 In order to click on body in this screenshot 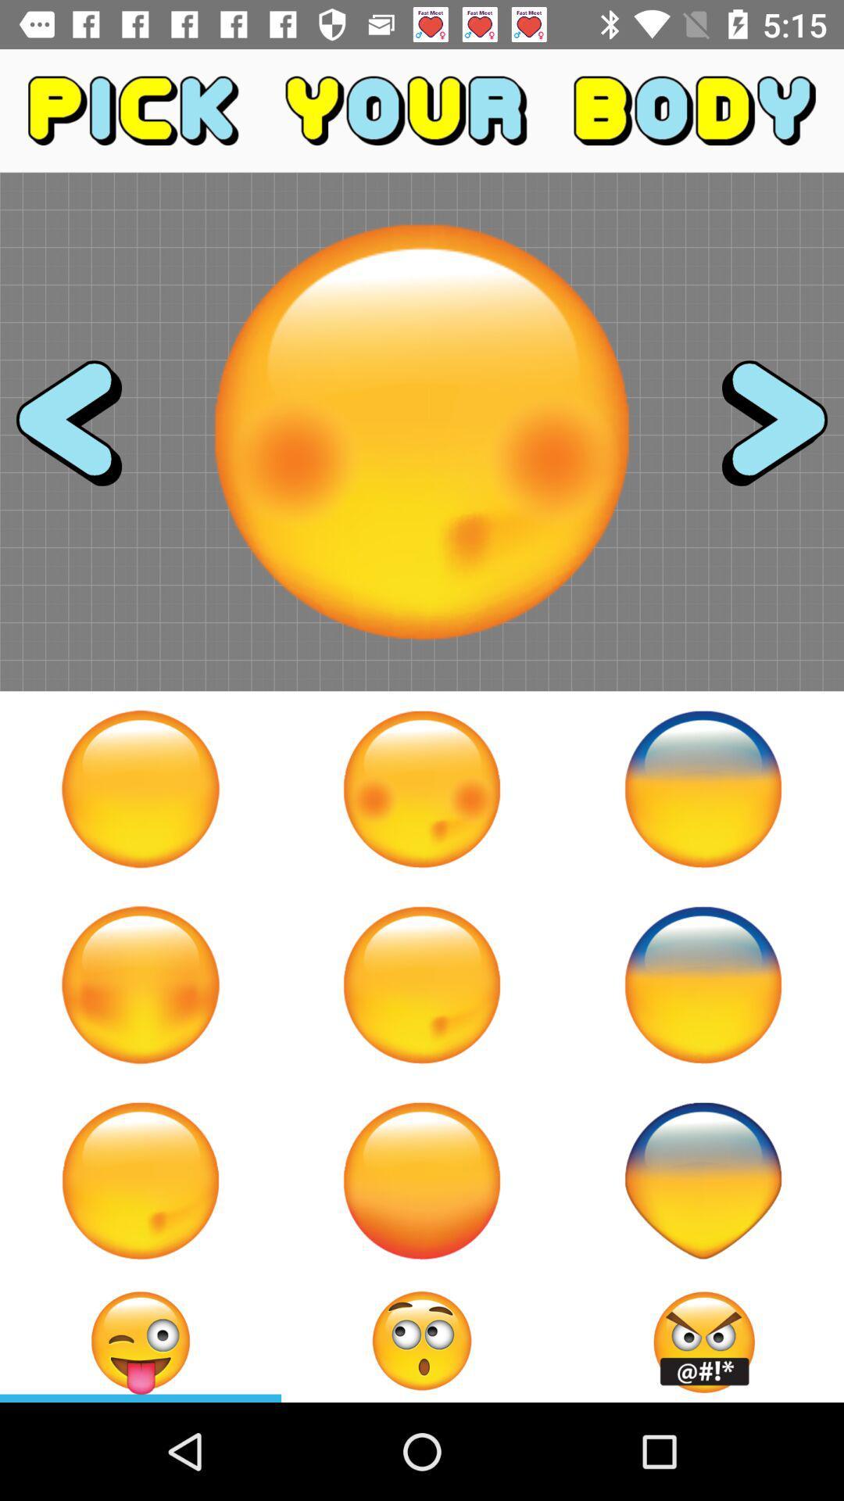, I will do `click(141, 983)`.